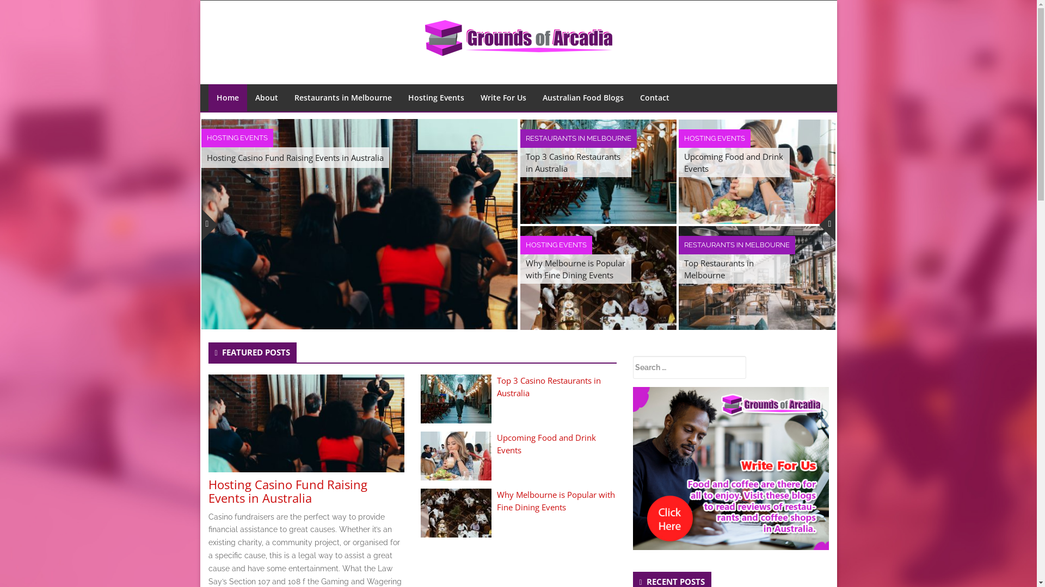 This screenshot has height=587, width=1045. I want to click on 'Top 3 Casino Restaurants in Australia', so click(455, 398).